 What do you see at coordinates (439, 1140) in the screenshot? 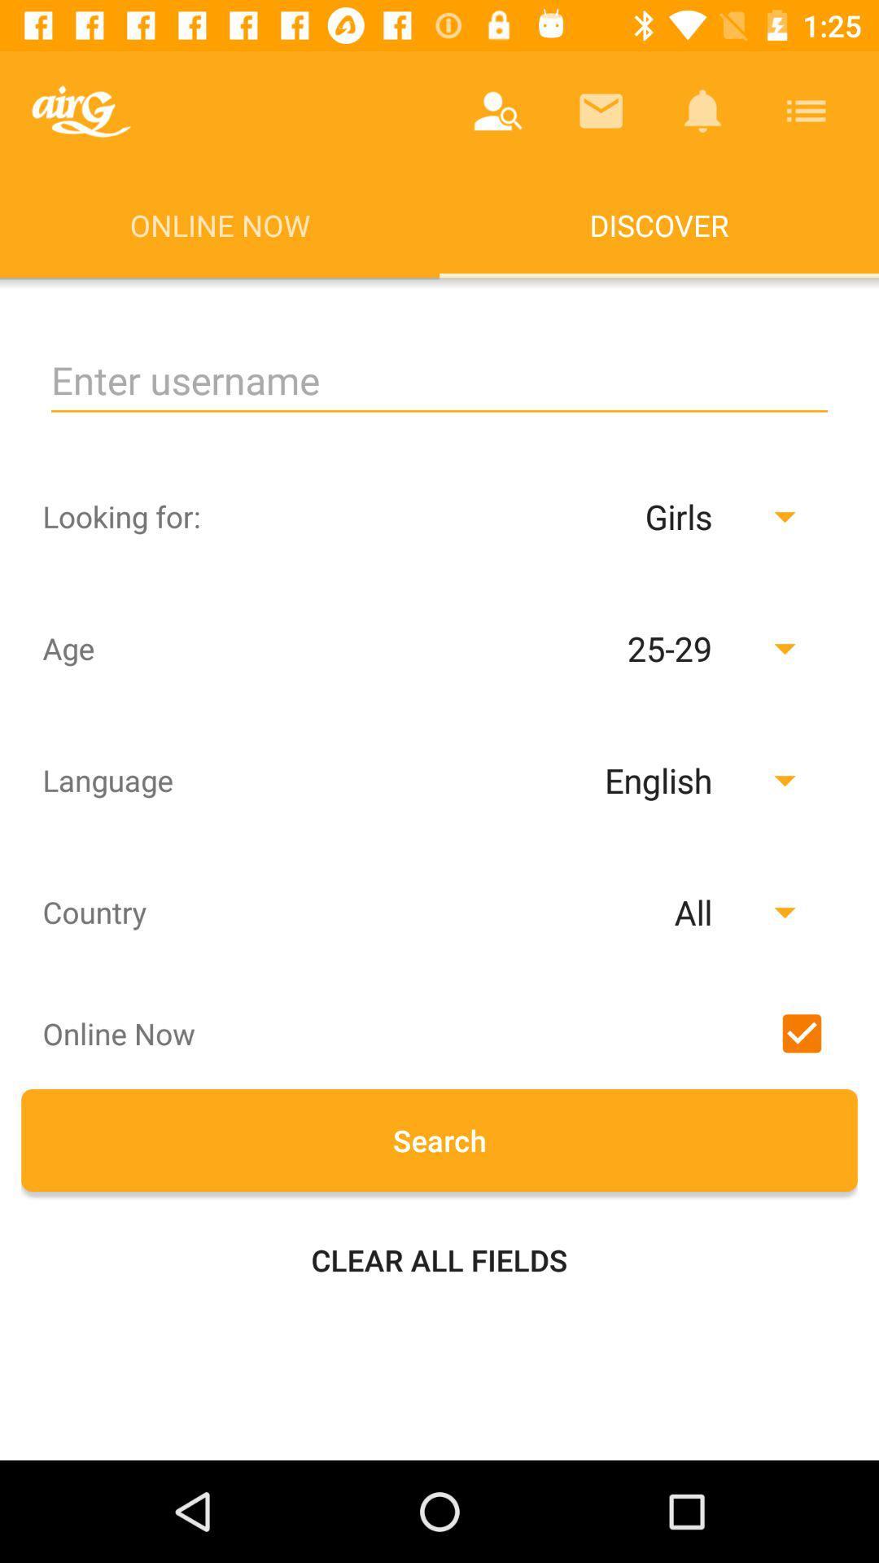
I see `search button` at bounding box center [439, 1140].